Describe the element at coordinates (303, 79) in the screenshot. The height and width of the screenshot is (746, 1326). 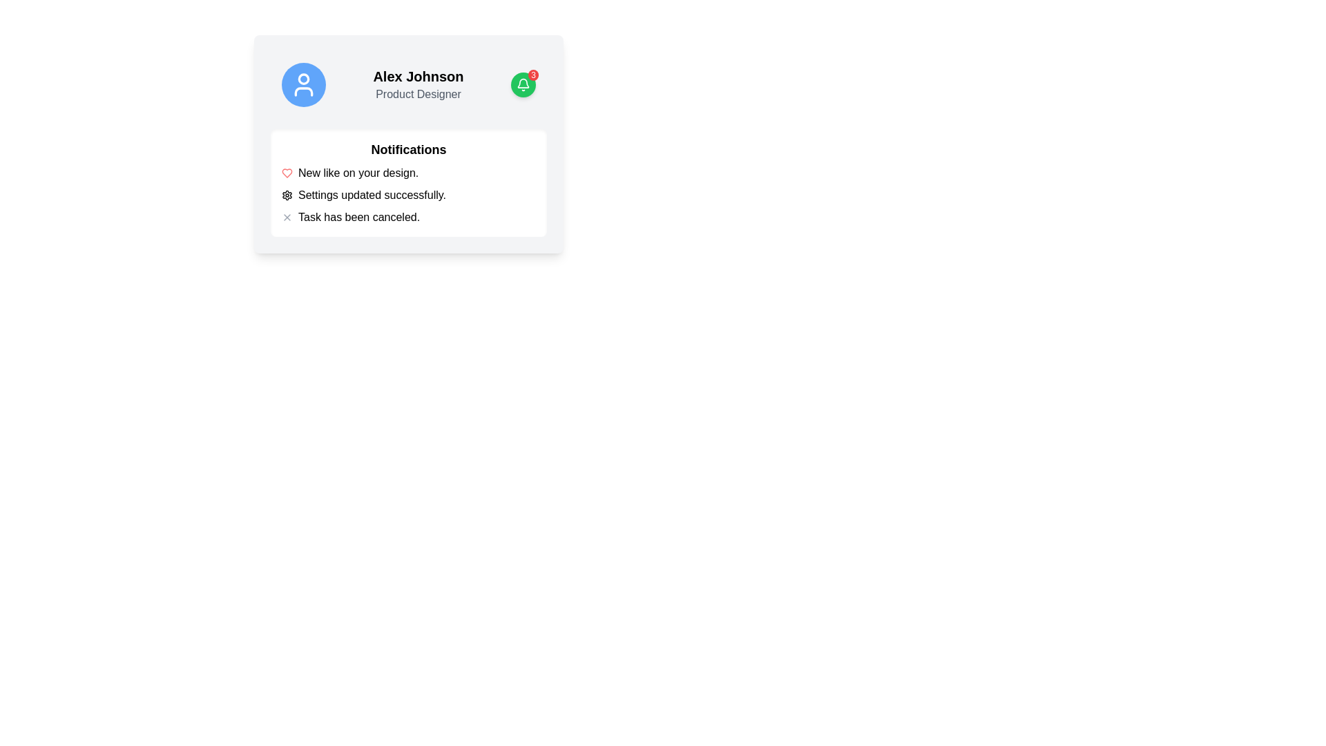
I see `the circular graphical component representing the head in the user icon, which is part of the SVG icon` at that location.